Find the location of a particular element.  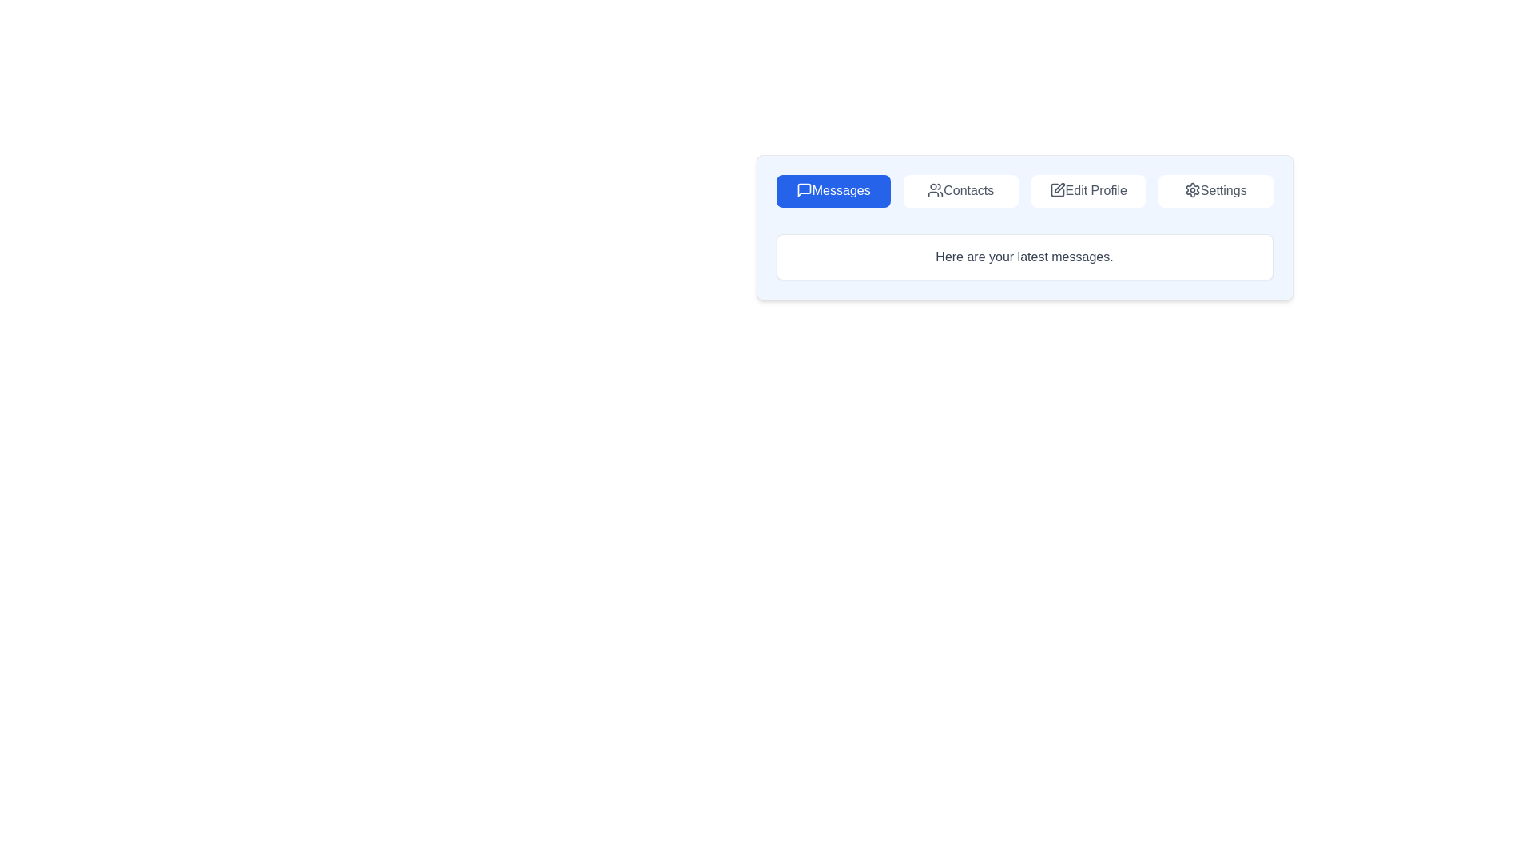

the Contacts tab is located at coordinates (960, 190).